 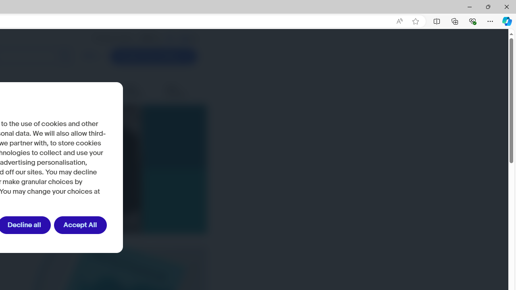 What do you see at coordinates (472, 21) in the screenshot?
I see `'Browser essentials'` at bounding box center [472, 21].